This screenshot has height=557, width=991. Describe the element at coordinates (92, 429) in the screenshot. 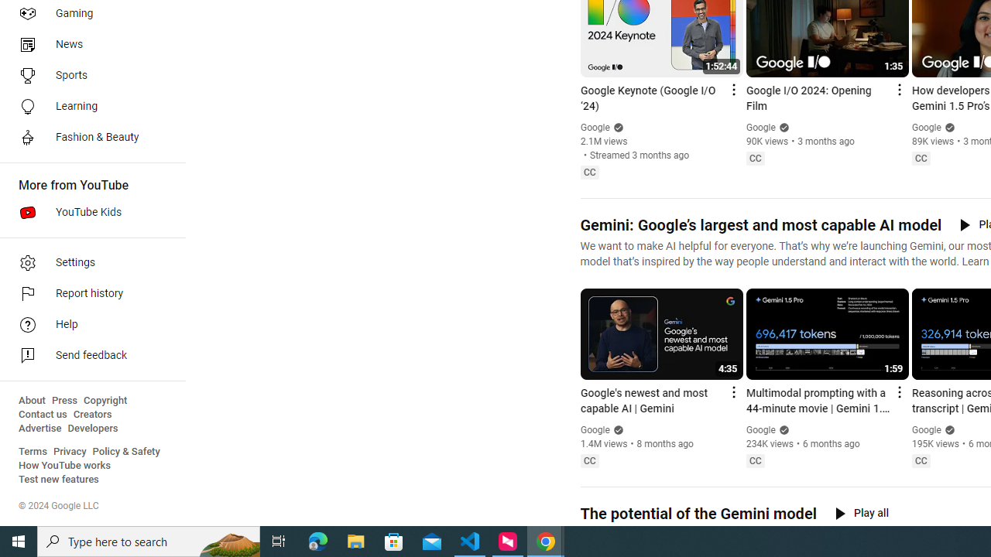

I see `'Developers'` at that location.